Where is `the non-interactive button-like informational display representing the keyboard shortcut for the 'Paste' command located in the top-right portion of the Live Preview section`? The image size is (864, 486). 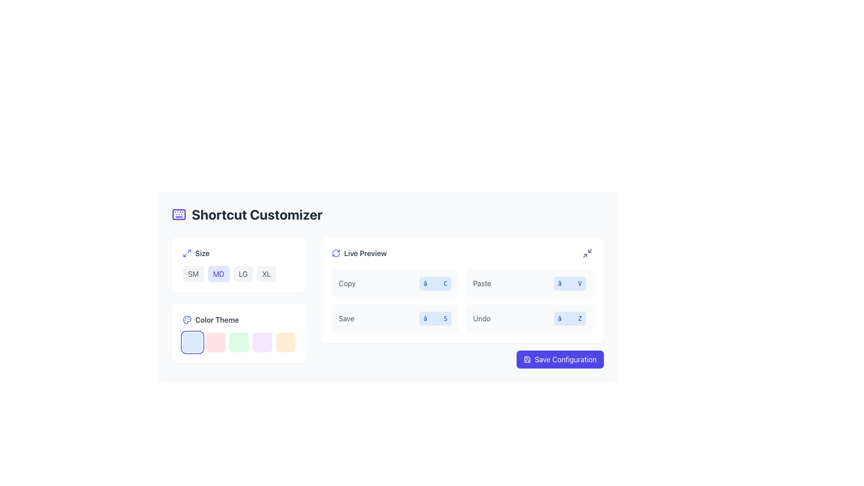
the non-interactive button-like informational display representing the keyboard shortcut for the 'Paste' command located in the top-right portion of the Live Preview section is located at coordinates (569, 283).